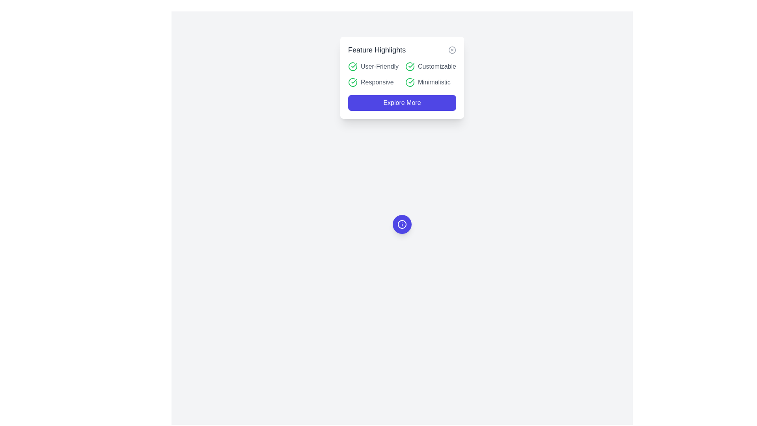  Describe the element at coordinates (402, 224) in the screenshot. I see `the circular button with a blue background and white outlining to observe its hover effect` at that location.